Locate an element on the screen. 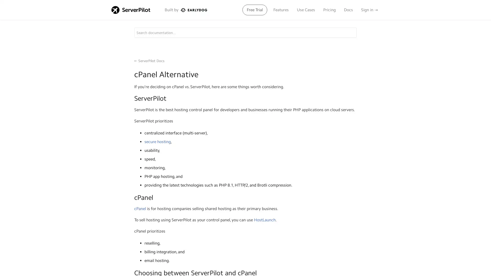  Docs is located at coordinates (348, 10).